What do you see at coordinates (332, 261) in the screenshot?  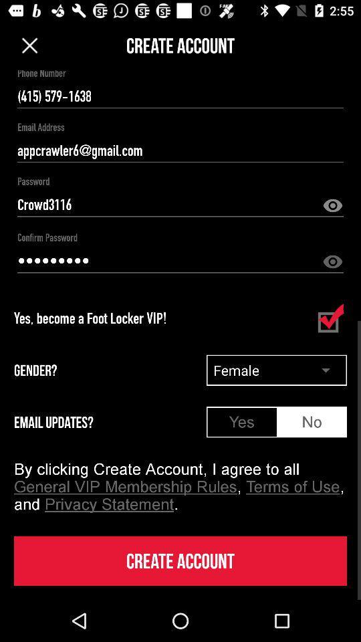 I see `for vision` at bounding box center [332, 261].